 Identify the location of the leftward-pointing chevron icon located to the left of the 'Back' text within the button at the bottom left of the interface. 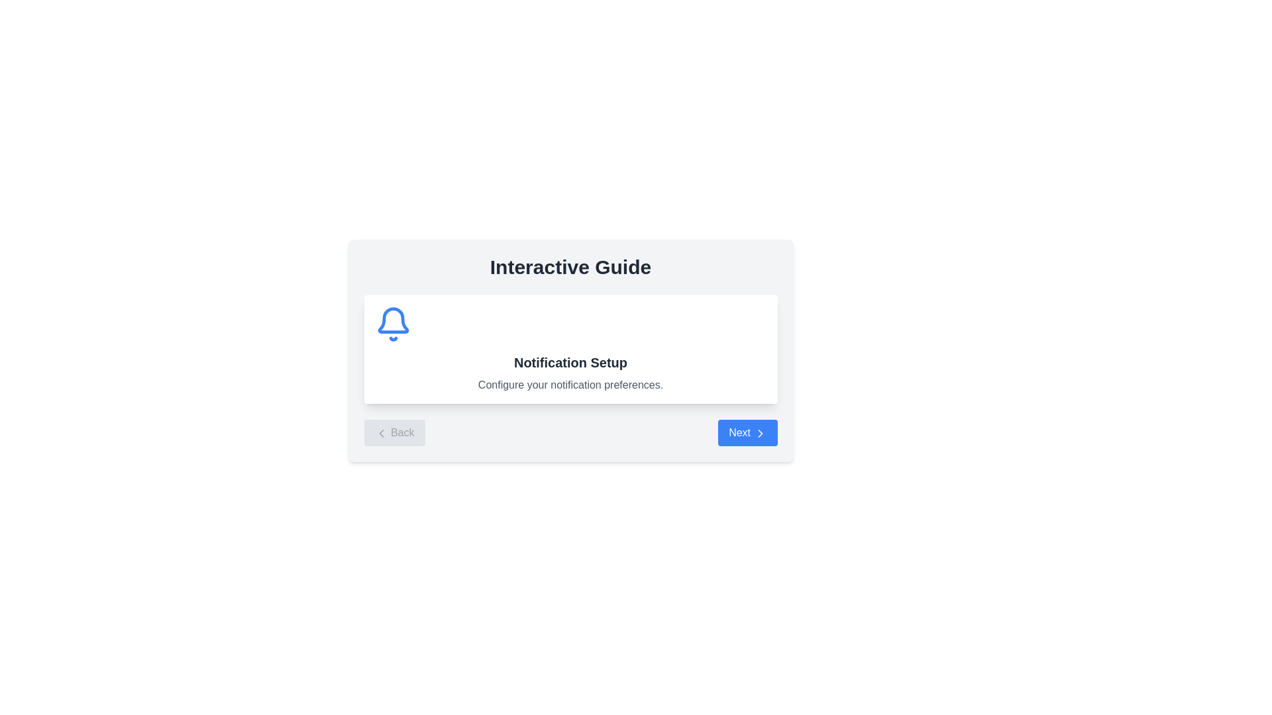
(380, 433).